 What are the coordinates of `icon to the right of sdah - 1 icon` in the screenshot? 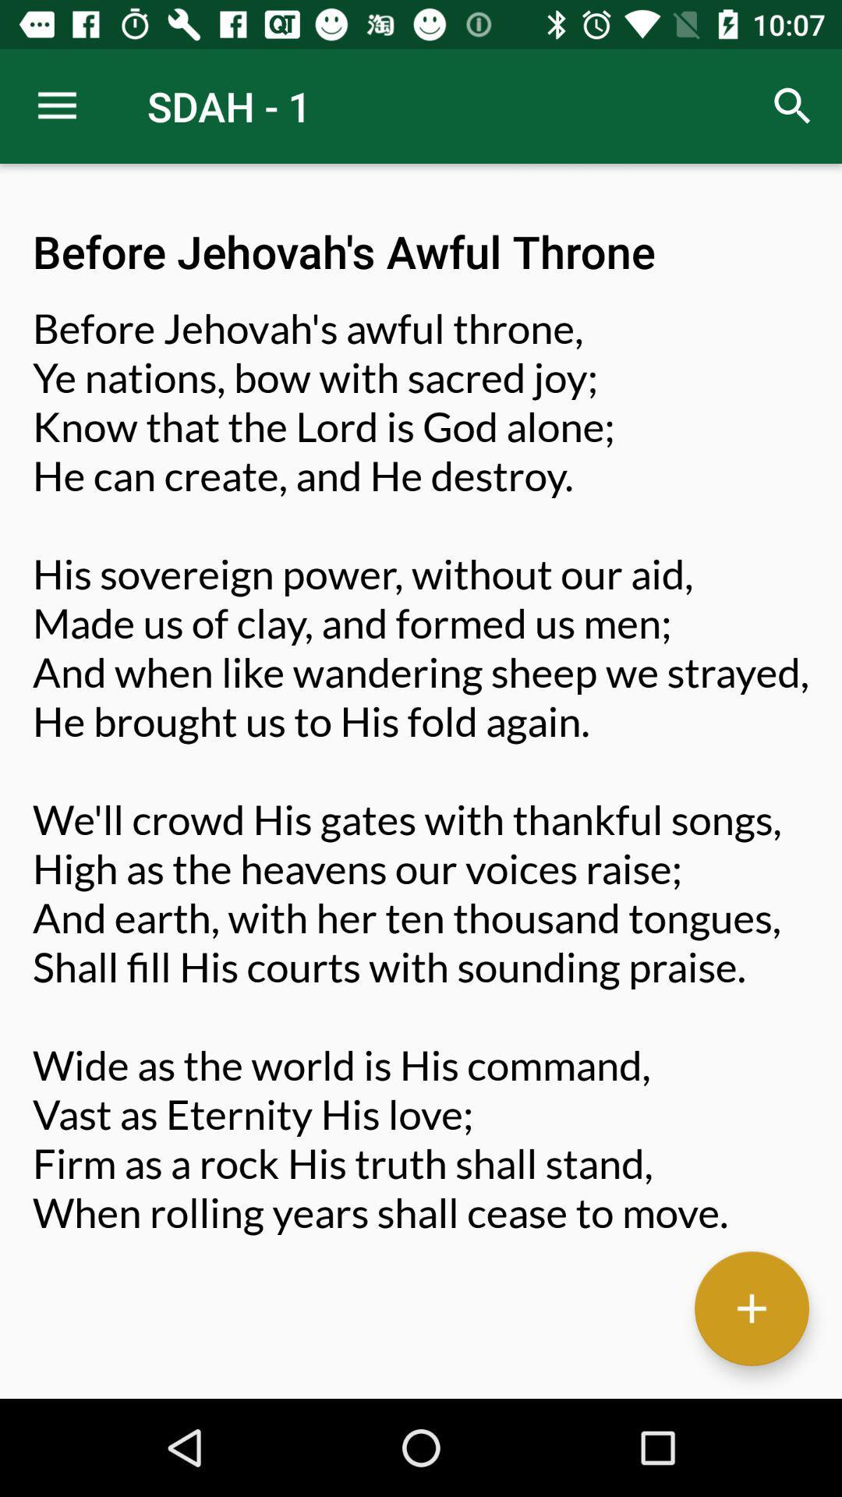 It's located at (793, 105).